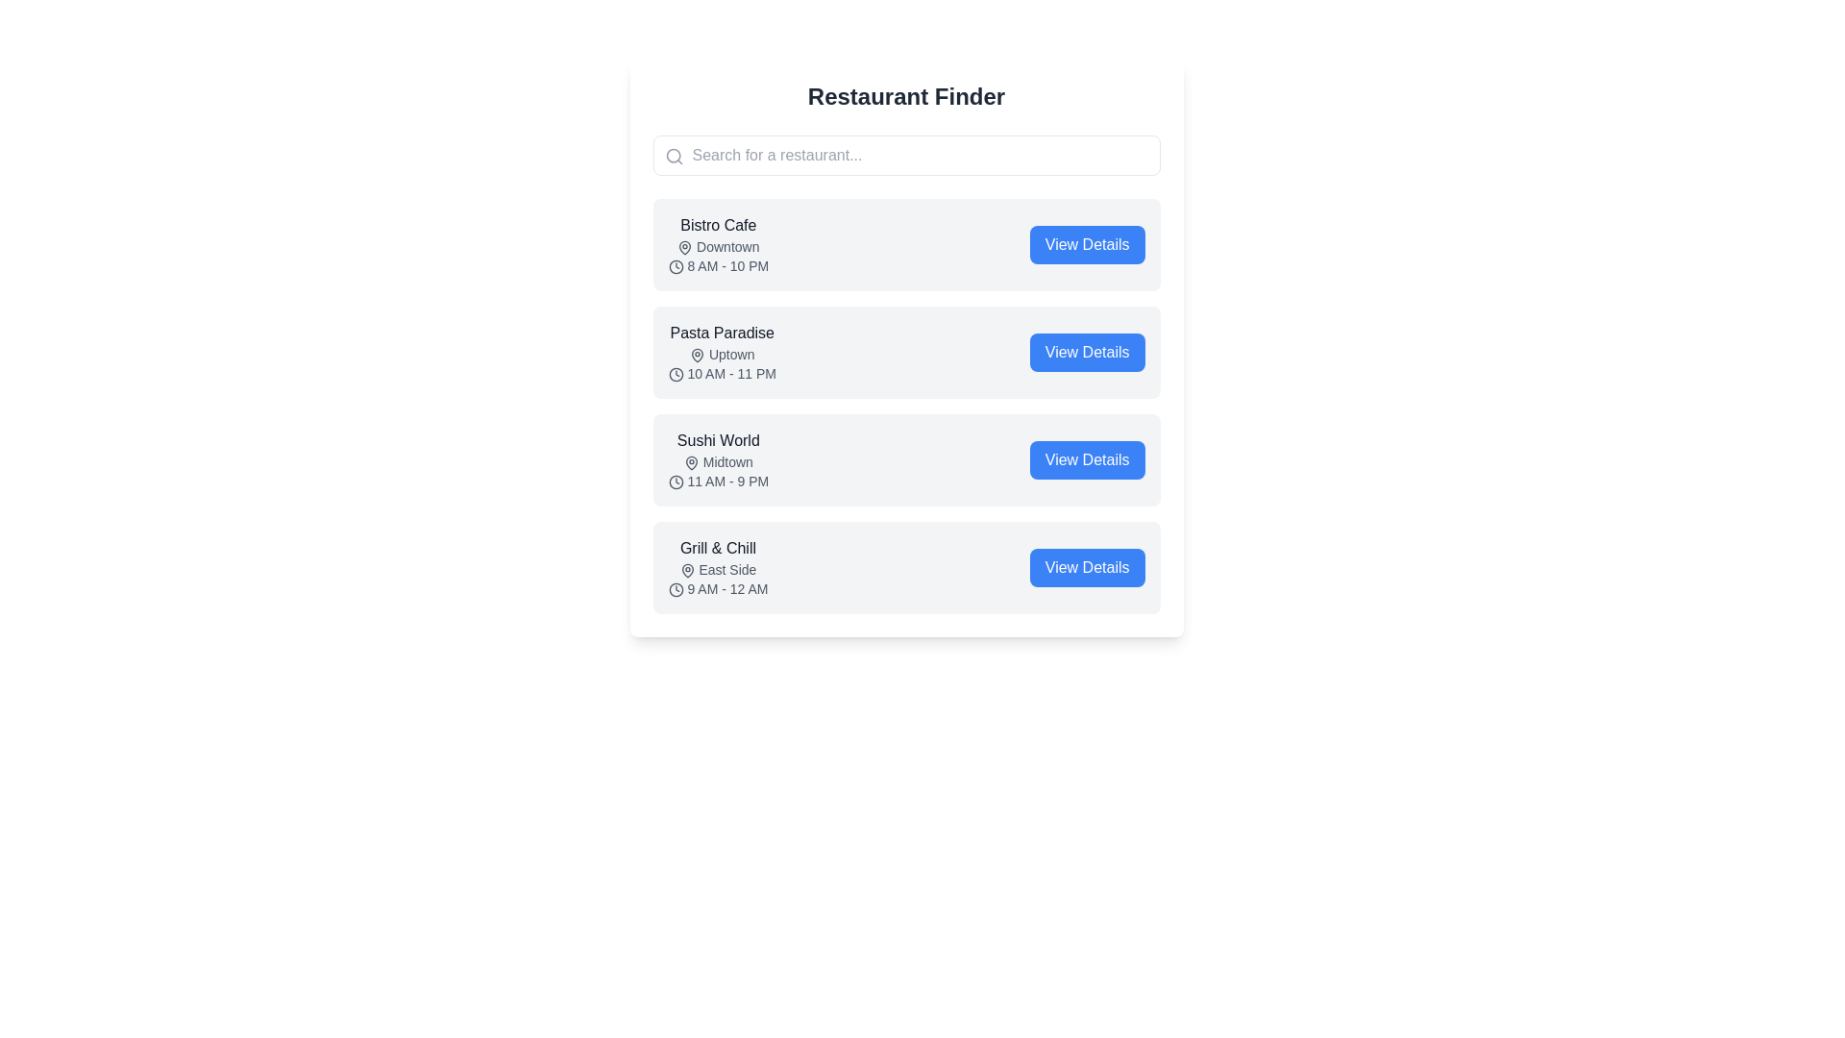 This screenshot has height=1038, width=1845. Describe the element at coordinates (717, 459) in the screenshot. I see `the informational card displaying details of the 'Sushi World' restaurant, located in the third row of the restaurant list between 'Pasta Paradise' and 'Grill & Chill'` at that location.